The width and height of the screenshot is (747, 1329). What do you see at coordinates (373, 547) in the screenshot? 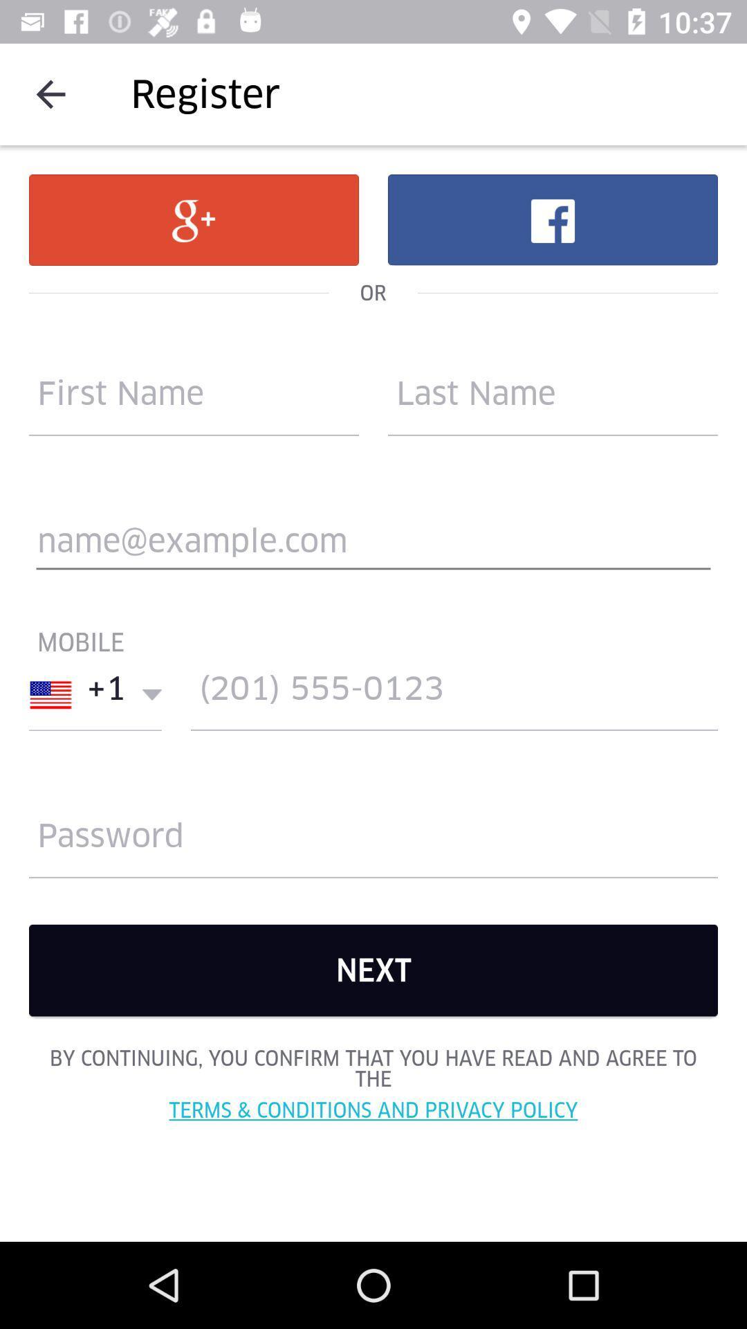
I see `text box` at bounding box center [373, 547].